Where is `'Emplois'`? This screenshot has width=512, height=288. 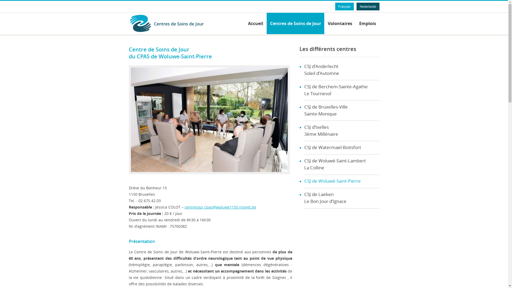 'Emplois' is located at coordinates (367, 23).